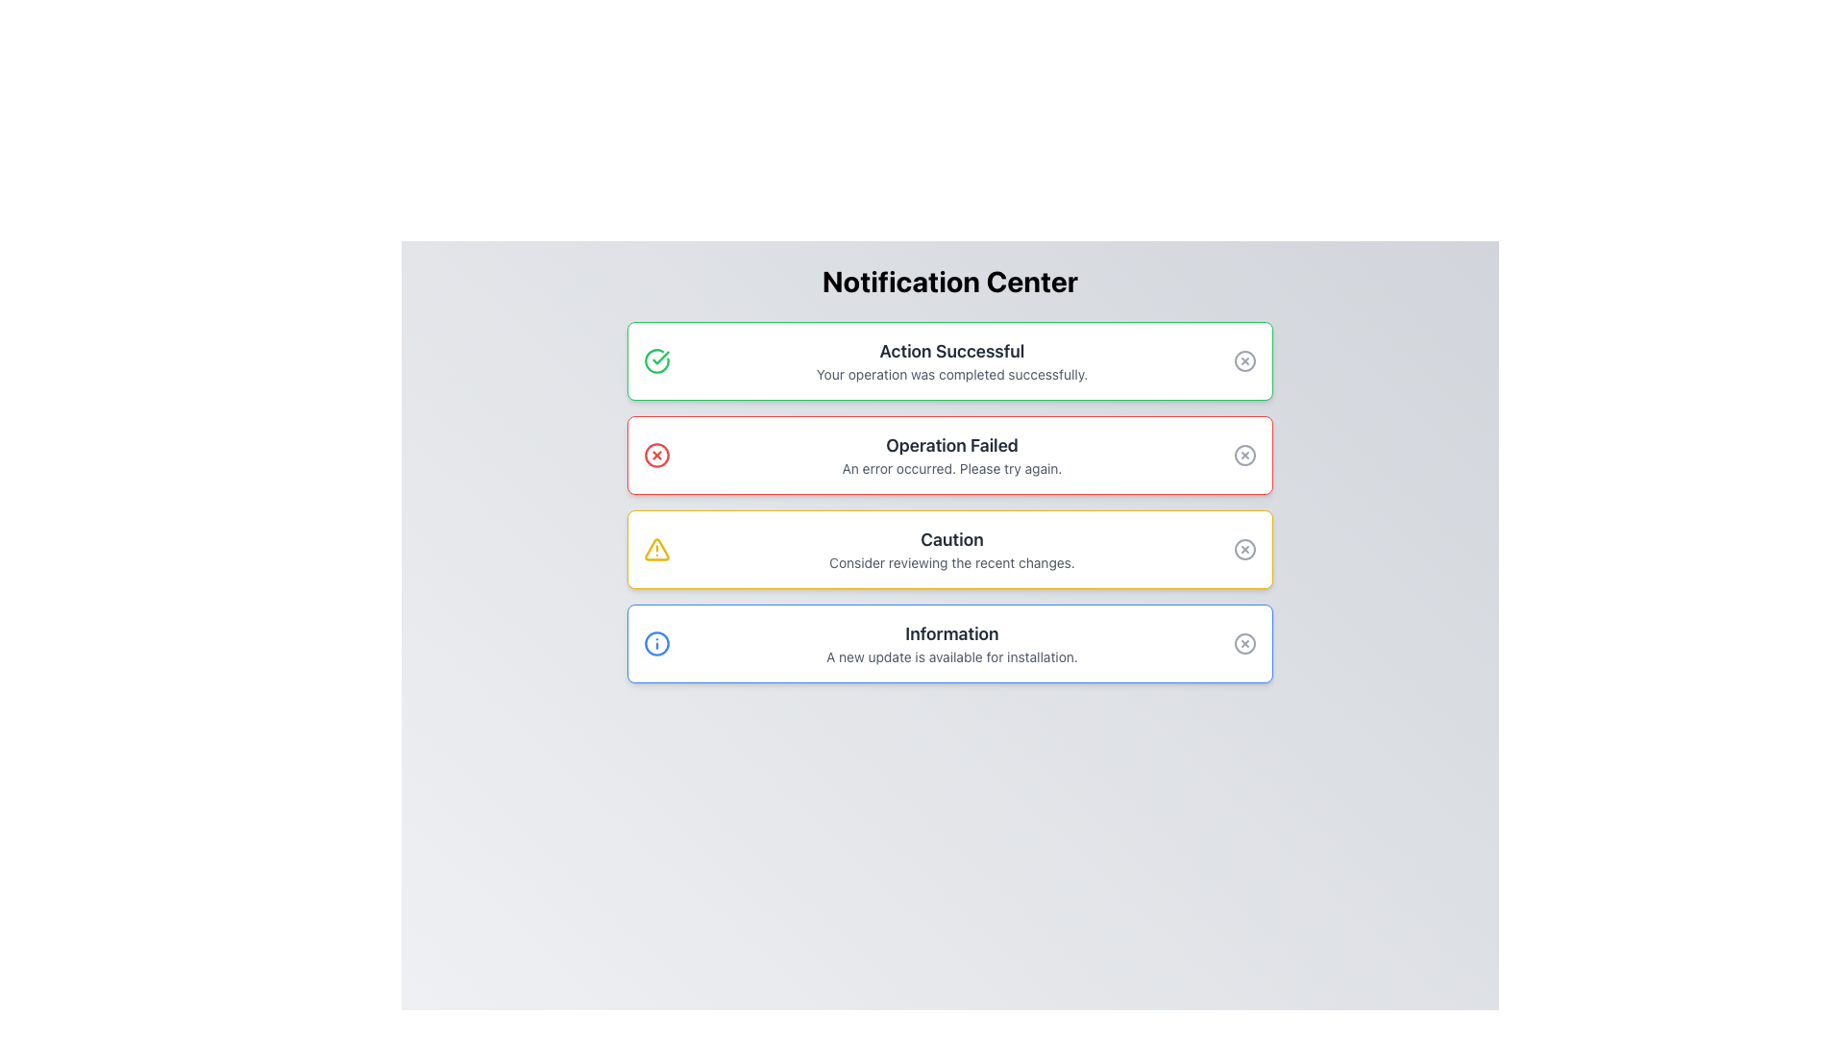 The image size is (1845, 1038). I want to click on the outermost circle of the 'Information' icon located in the fourth information panel at the bottom of the notification list, so click(657, 644).